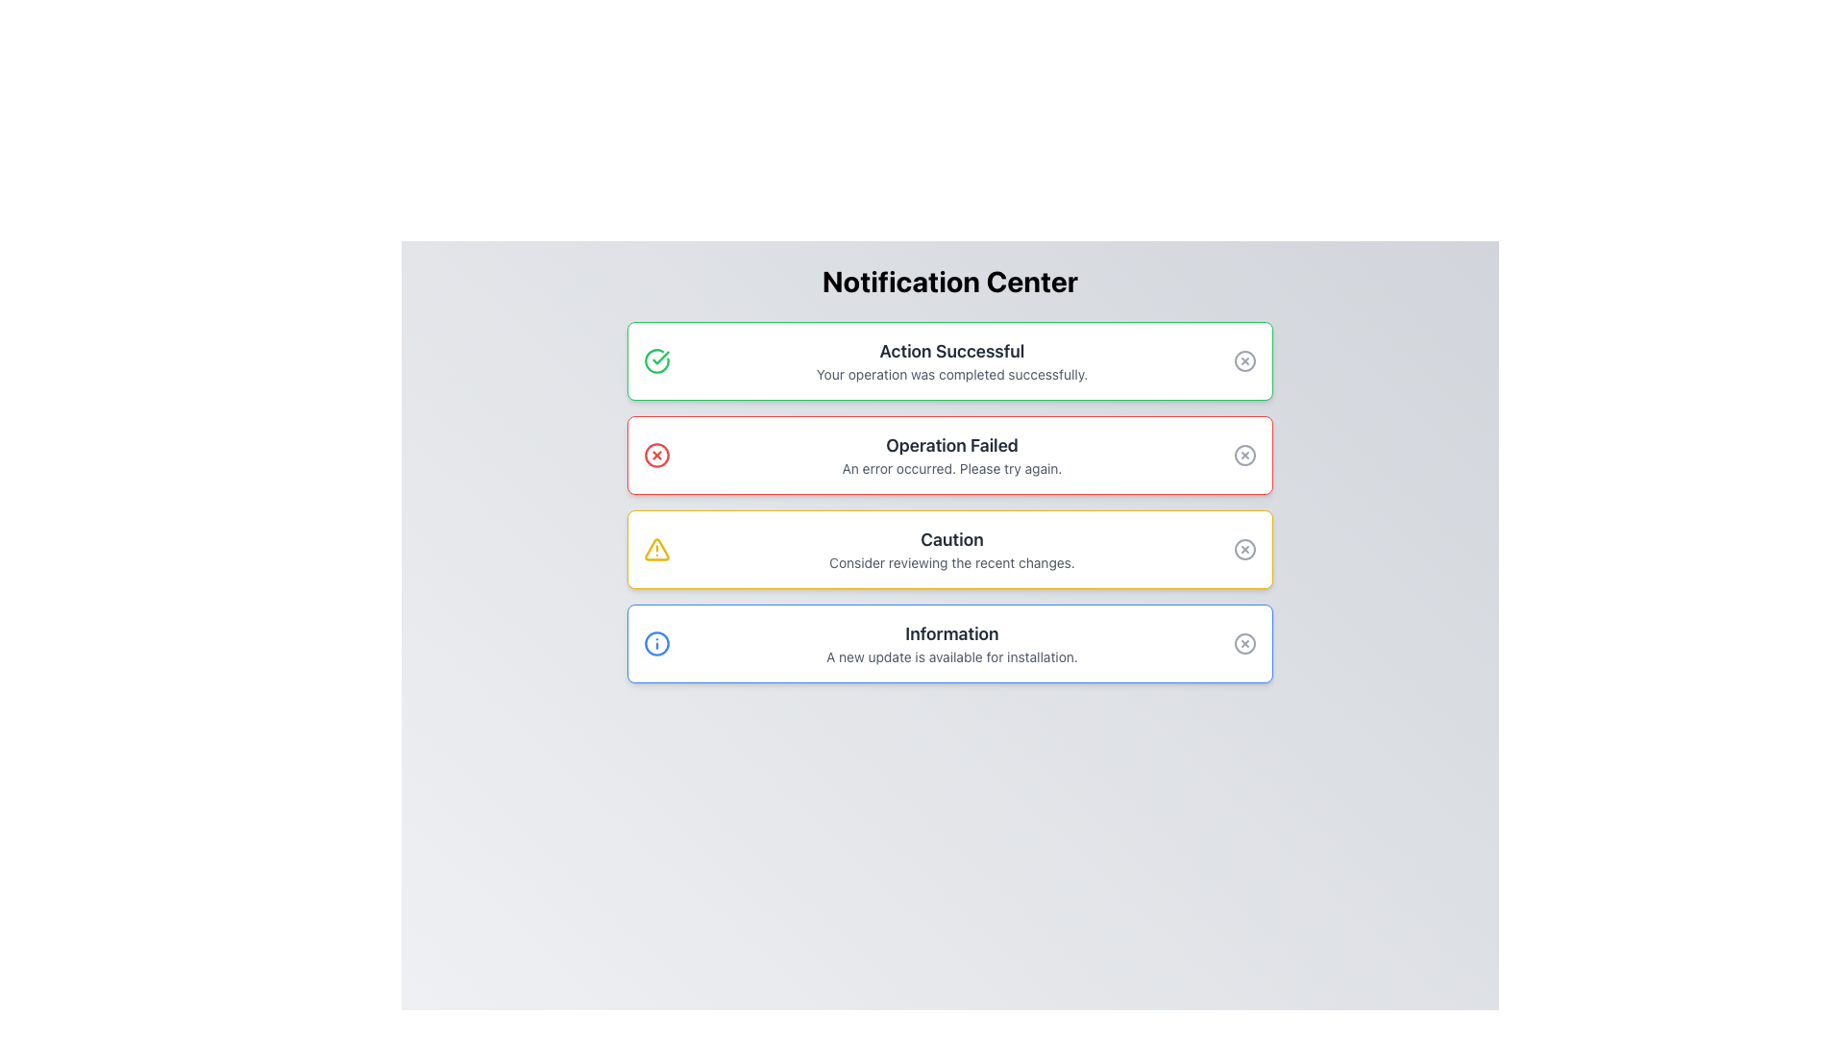 The image size is (1845, 1038). I want to click on the outermost circle of the 'Information' icon located in the fourth information panel at the bottom of the notification list, so click(657, 644).